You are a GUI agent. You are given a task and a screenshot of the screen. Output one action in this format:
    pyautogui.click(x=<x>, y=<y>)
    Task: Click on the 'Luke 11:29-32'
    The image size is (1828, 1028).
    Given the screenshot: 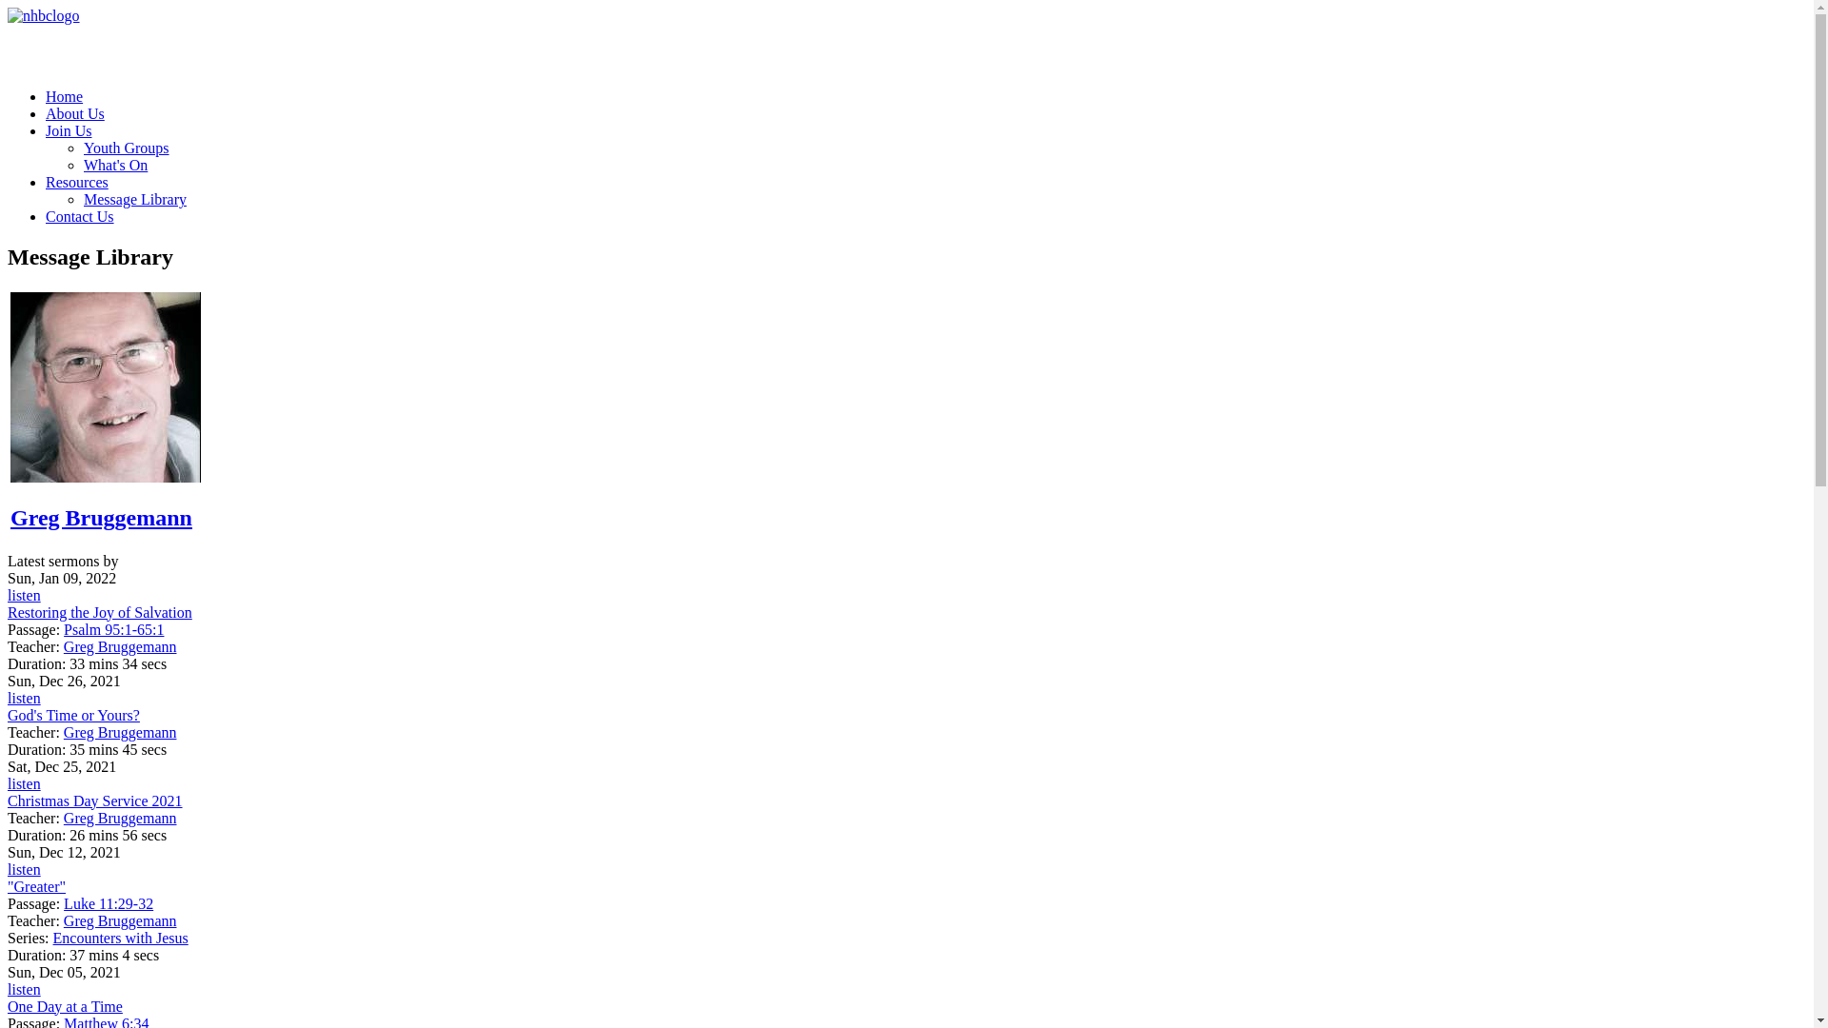 What is the action you would take?
    pyautogui.click(x=108, y=902)
    